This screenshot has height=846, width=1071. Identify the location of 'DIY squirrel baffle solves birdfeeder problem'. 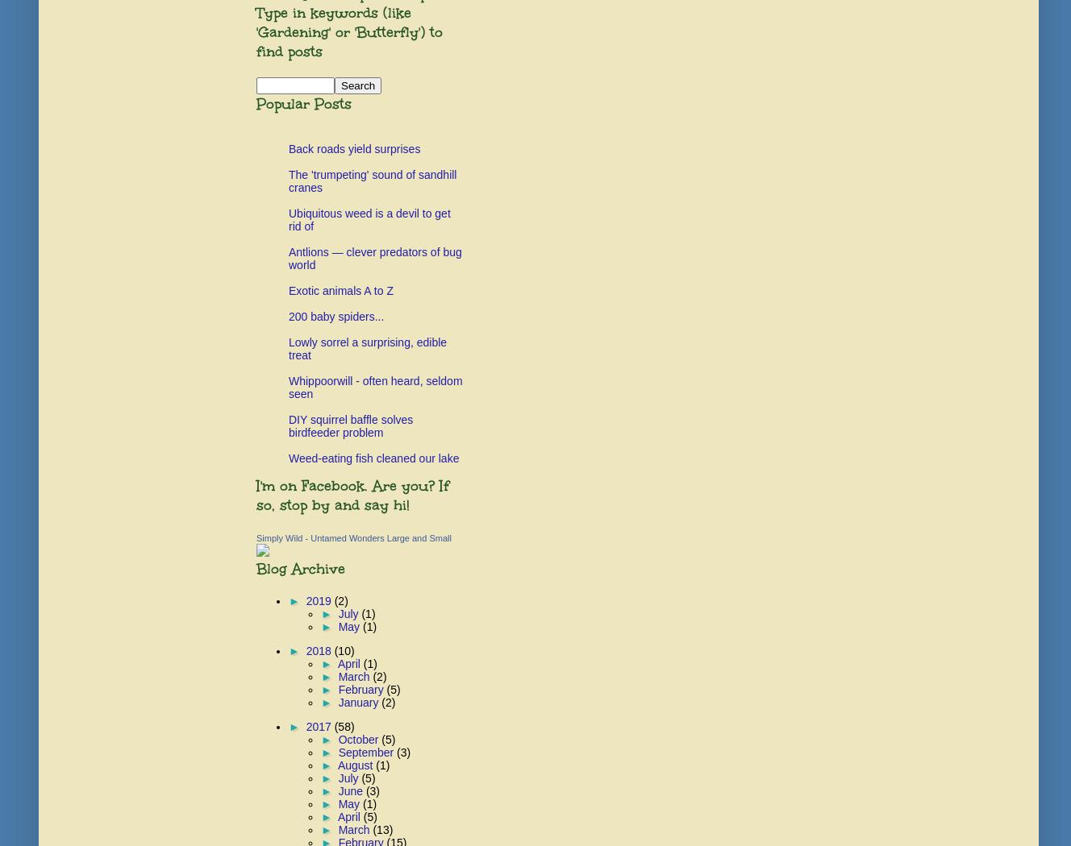
(351, 425).